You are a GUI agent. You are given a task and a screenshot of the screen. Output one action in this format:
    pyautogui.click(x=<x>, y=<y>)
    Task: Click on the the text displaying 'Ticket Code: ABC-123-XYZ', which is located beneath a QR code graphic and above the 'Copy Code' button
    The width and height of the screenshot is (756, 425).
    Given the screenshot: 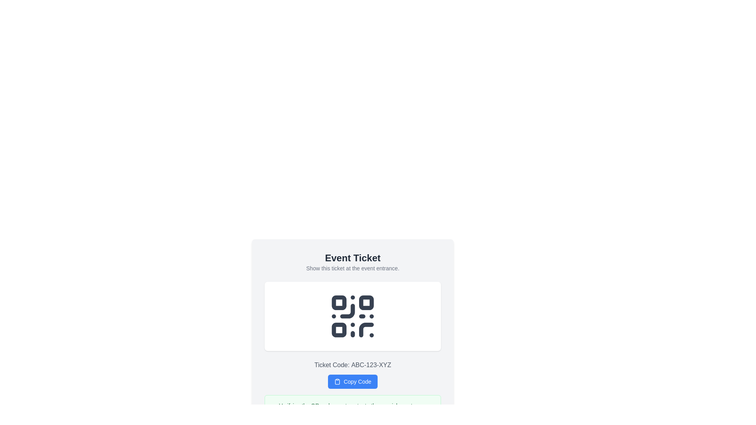 What is the action you would take?
    pyautogui.click(x=352, y=365)
    